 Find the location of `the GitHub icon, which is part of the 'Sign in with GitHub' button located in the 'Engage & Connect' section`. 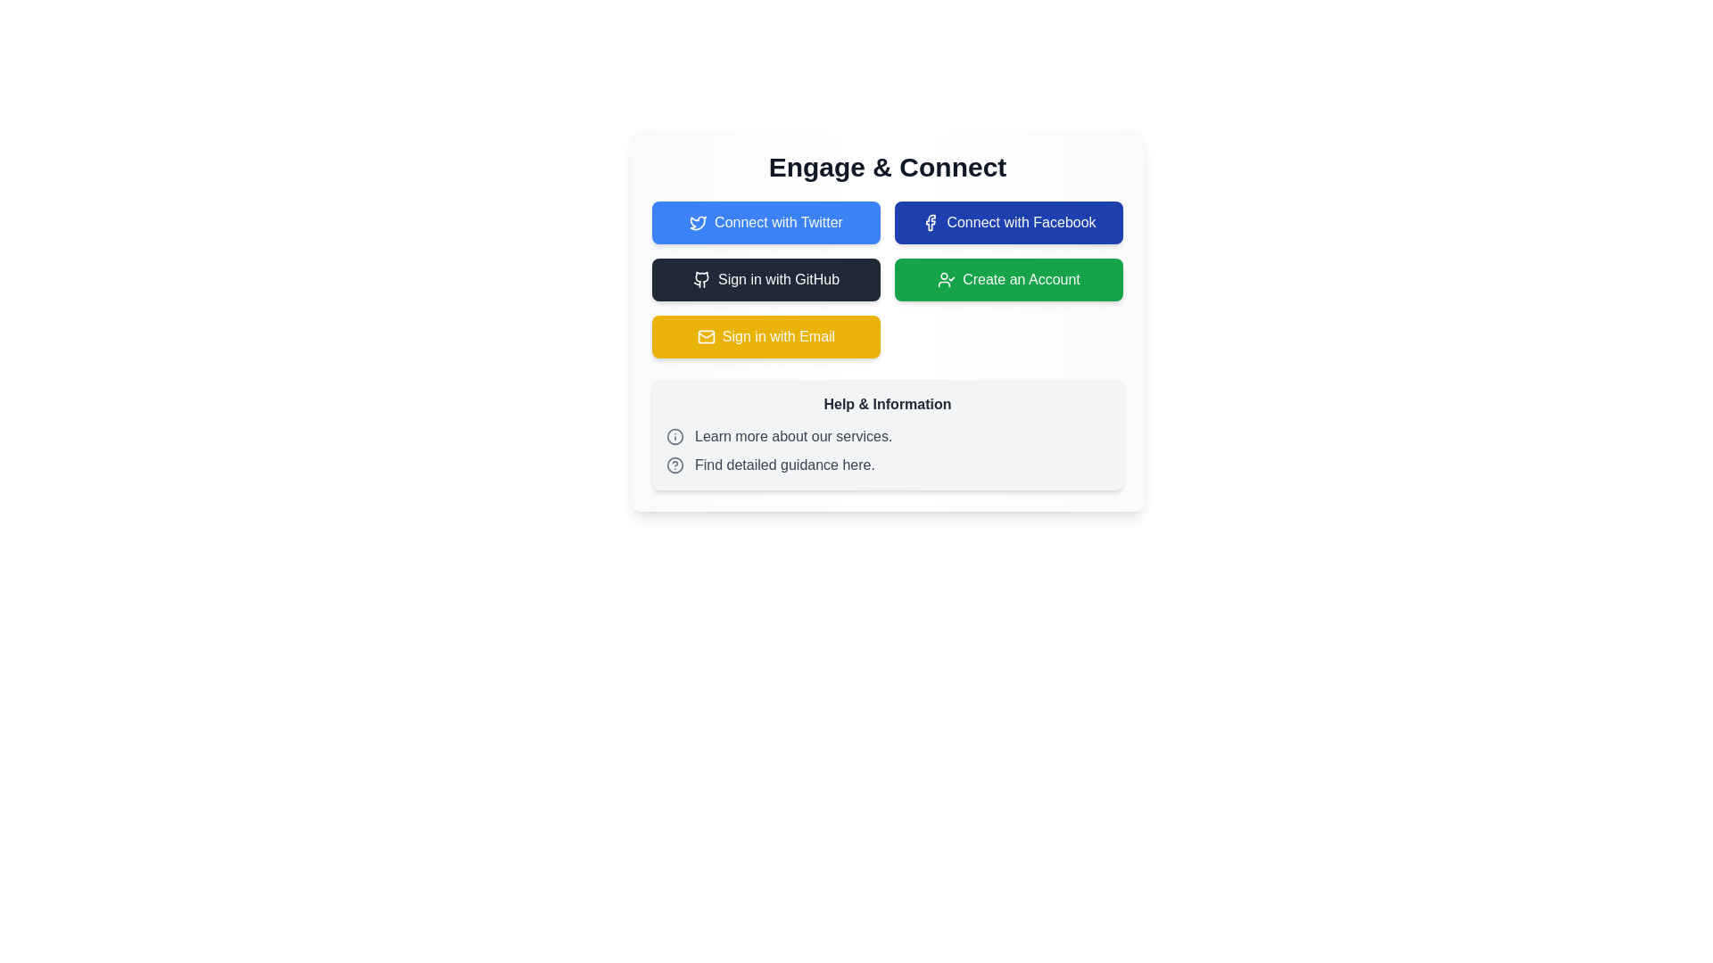

the GitHub icon, which is part of the 'Sign in with GitHub' button located in the 'Engage & Connect' section is located at coordinates (701, 279).